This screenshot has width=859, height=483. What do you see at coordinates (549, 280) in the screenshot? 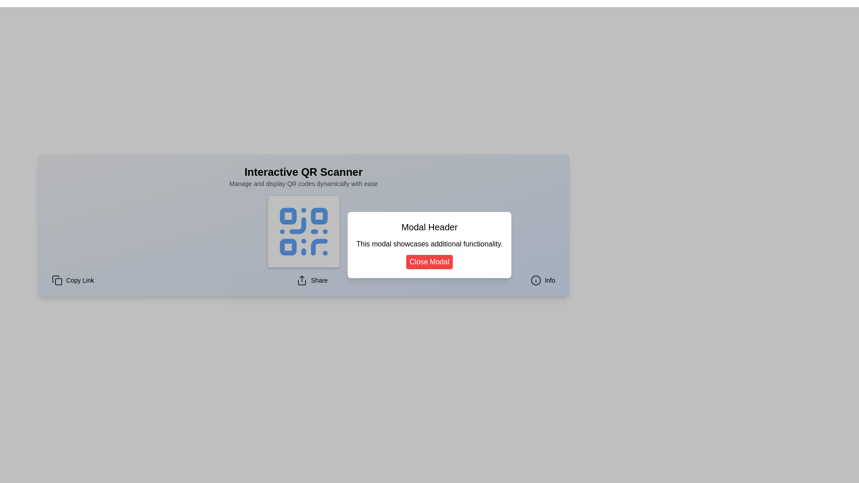
I see `the text label located at the bottom right of the interface, which is adjacent to the 'i' icon` at bounding box center [549, 280].